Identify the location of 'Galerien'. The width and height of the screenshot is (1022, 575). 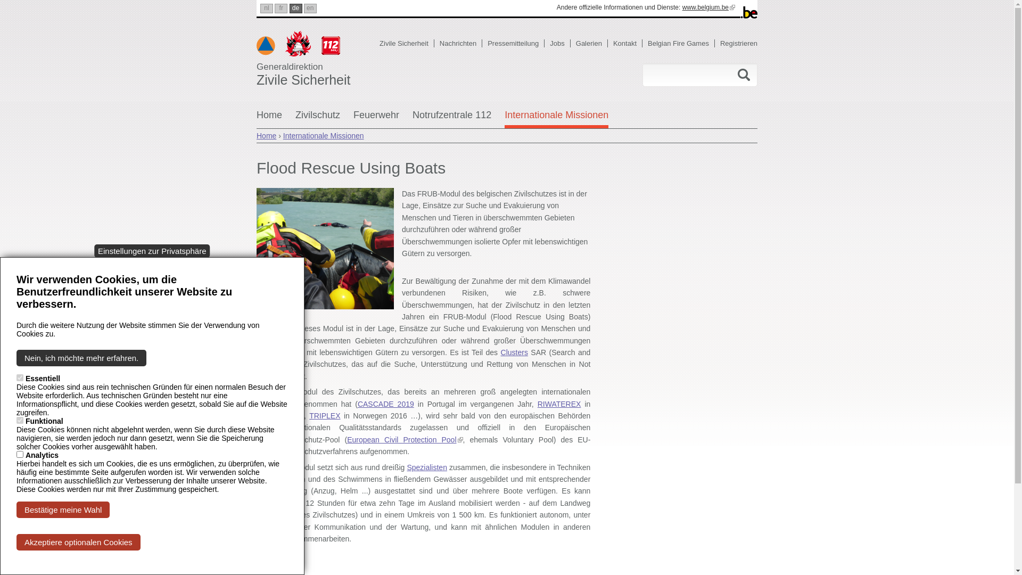
(591, 43).